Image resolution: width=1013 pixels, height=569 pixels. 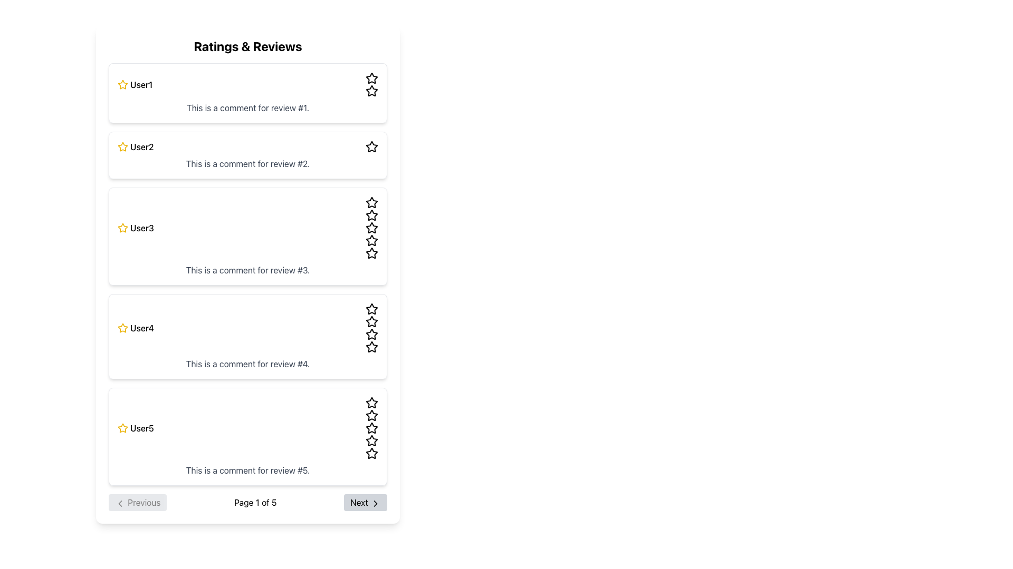 What do you see at coordinates (141, 146) in the screenshot?
I see `the text label identifying the author of the review, located in the 'Ratings & Reviews' section, positioned below 'User1' and above 'User3'` at bounding box center [141, 146].